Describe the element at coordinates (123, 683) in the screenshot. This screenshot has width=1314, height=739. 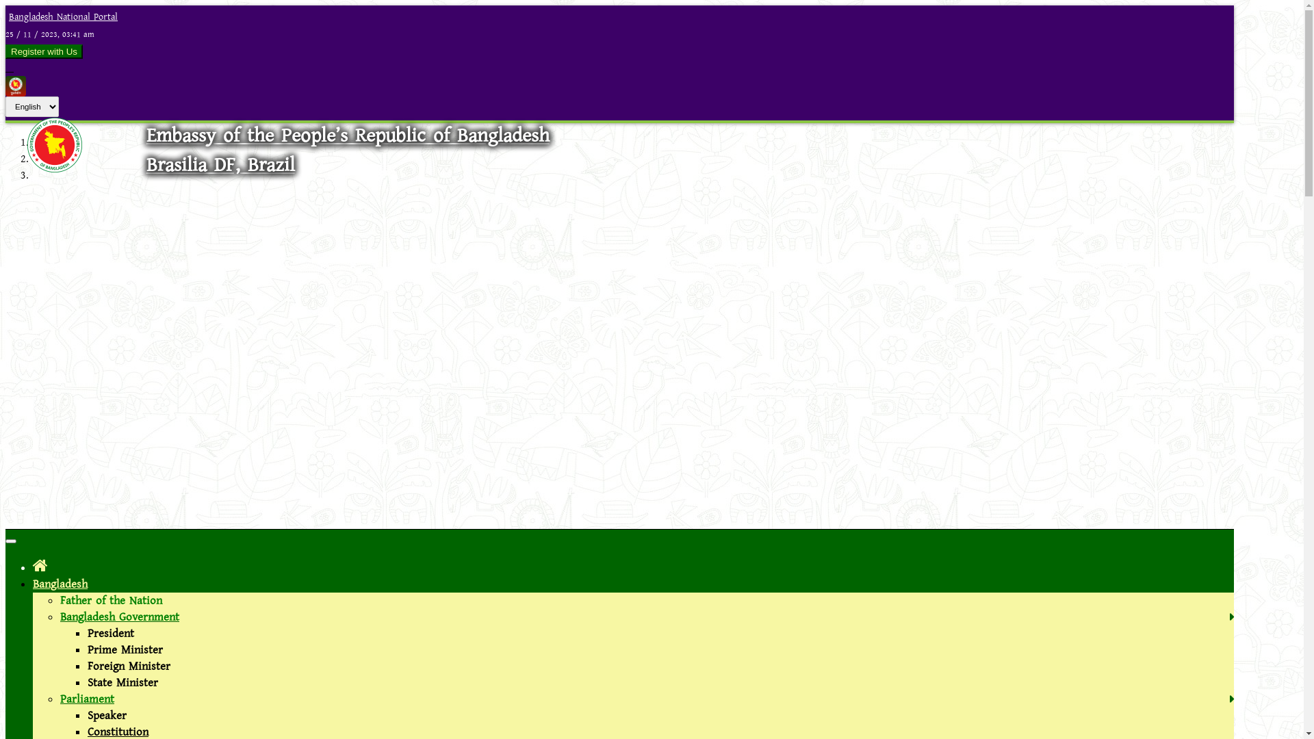
I see `'State Minister'` at that location.